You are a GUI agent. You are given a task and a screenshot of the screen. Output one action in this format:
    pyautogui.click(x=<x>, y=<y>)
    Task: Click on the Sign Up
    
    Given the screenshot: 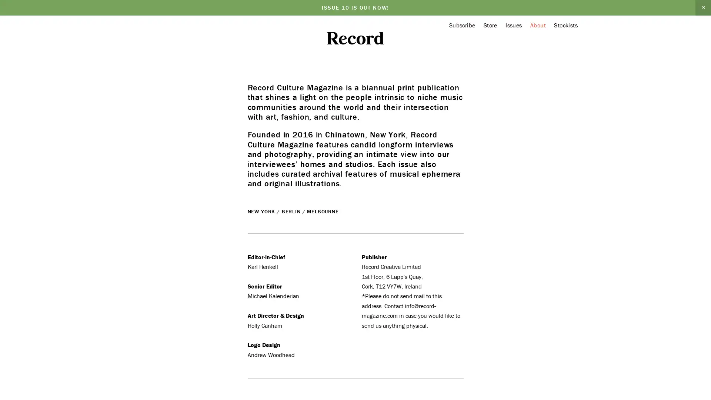 What is the action you would take?
    pyautogui.click(x=669, y=357)
    